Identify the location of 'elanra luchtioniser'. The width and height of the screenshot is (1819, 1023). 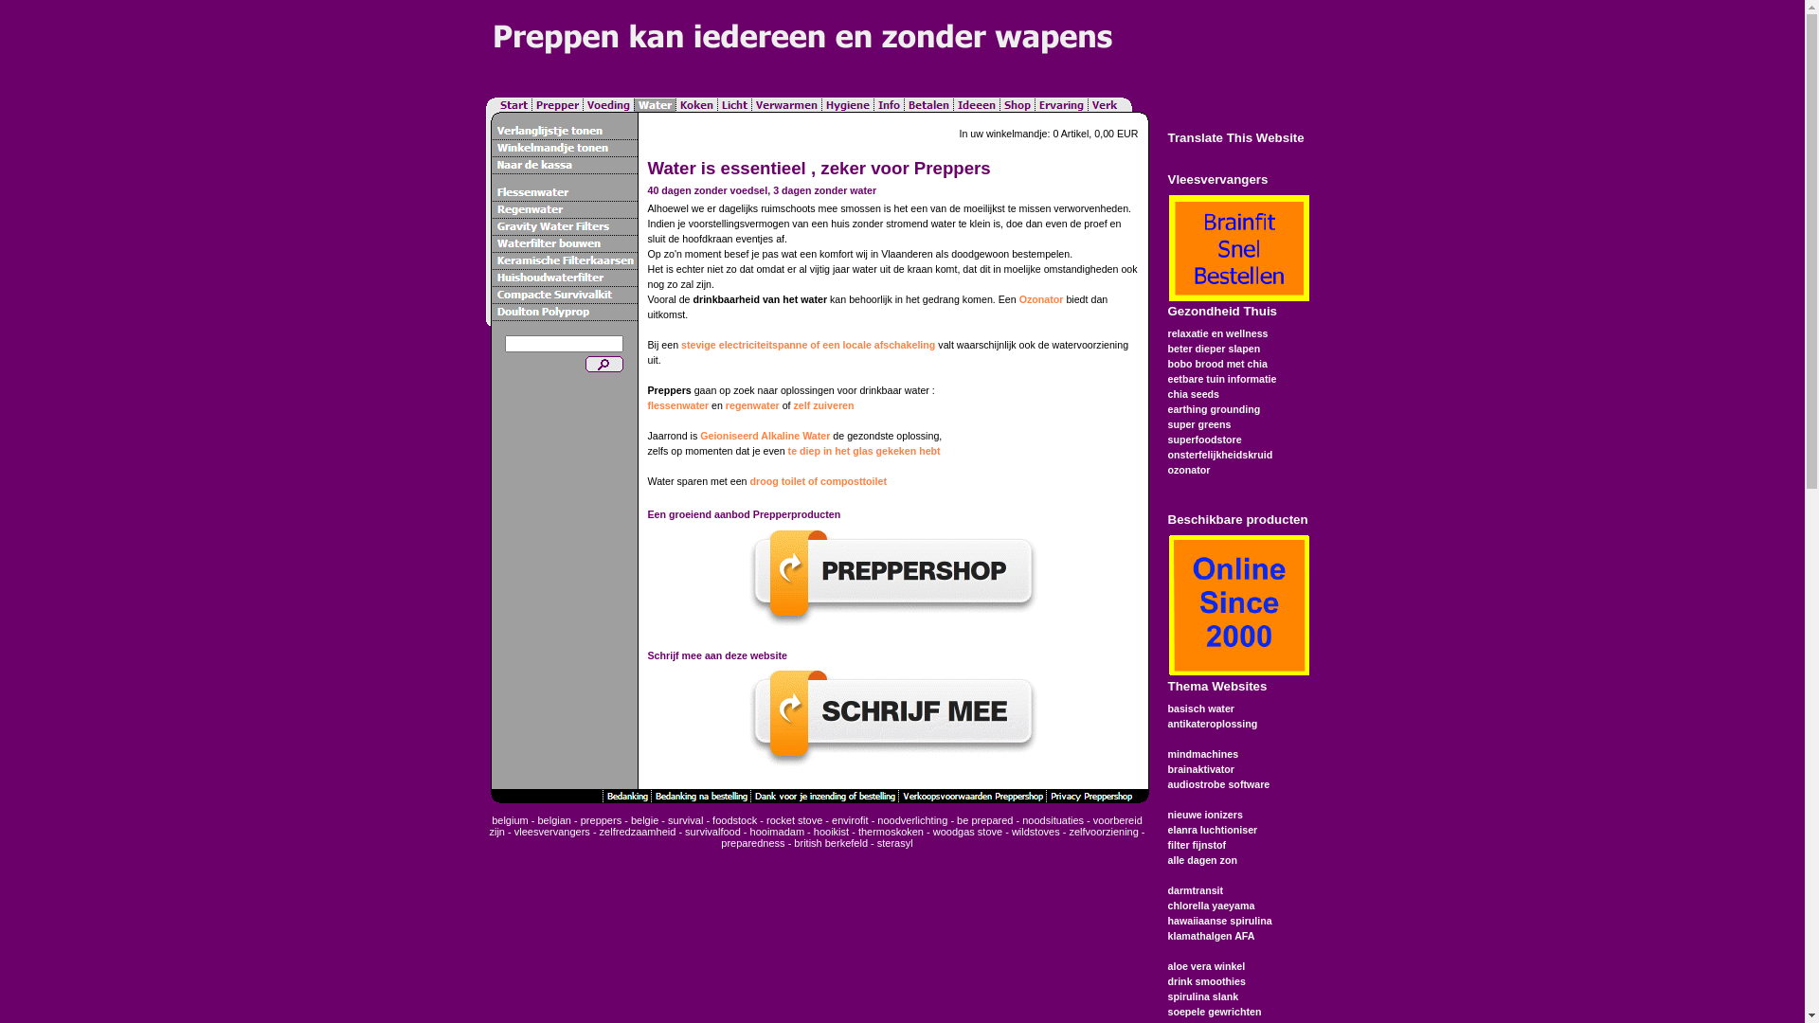
(1166, 828).